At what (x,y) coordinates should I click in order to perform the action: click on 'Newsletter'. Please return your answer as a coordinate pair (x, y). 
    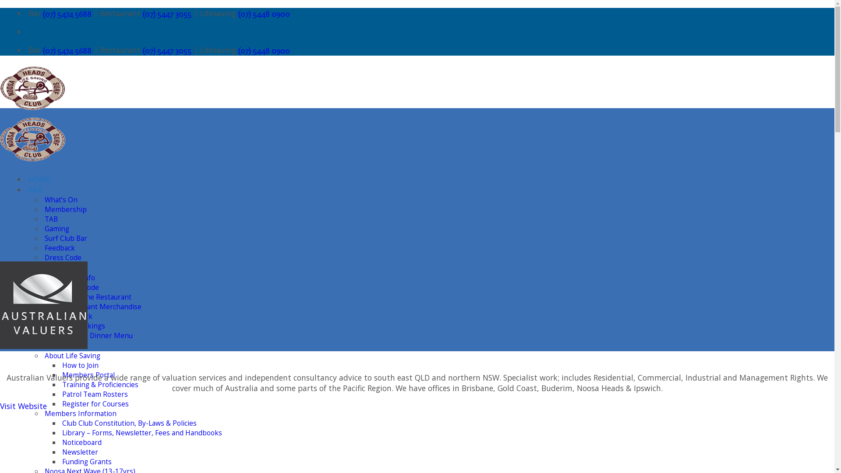
    Looking at the image, I should click on (80, 452).